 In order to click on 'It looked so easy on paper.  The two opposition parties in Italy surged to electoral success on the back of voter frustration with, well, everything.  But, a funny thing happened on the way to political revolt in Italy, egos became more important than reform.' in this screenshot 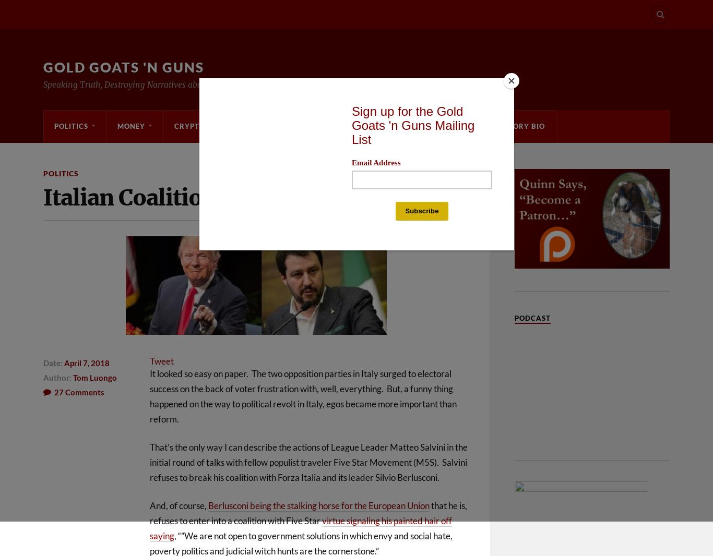, I will do `click(302, 395)`.